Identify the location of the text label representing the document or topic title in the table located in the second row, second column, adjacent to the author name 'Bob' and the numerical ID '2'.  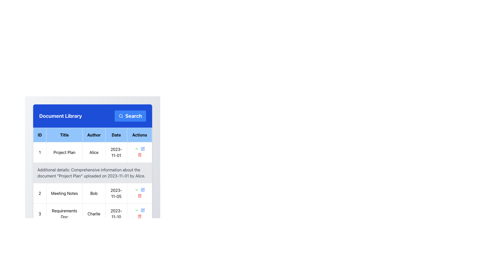
(64, 193).